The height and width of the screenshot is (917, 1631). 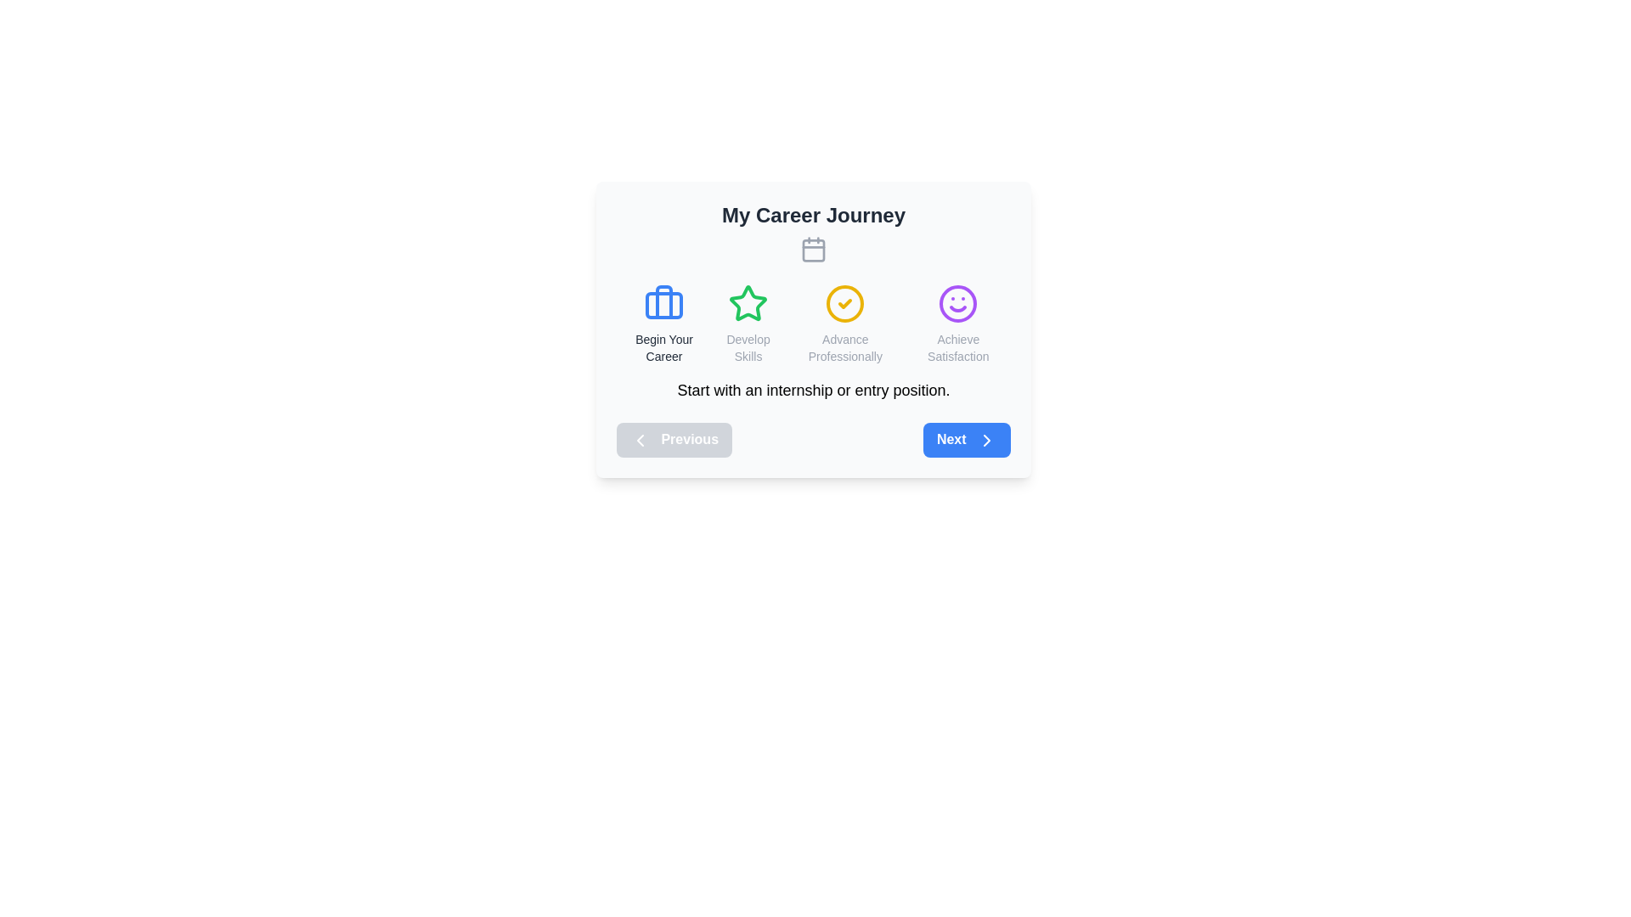 I want to click on the 'Begin Your Career' text label, which indicates the associated briefcase icon in the 'My Career Journey' section, so click(x=663, y=346).